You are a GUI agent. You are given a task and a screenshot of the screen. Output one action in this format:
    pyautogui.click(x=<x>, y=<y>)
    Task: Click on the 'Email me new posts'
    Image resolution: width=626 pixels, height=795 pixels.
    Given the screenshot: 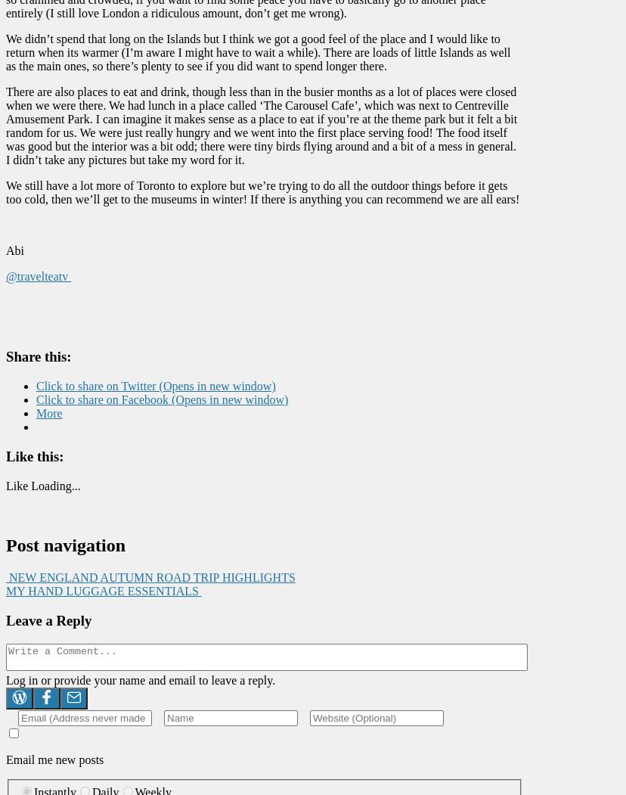 What is the action you would take?
    pyautogui.click(x=54, y=759)
    